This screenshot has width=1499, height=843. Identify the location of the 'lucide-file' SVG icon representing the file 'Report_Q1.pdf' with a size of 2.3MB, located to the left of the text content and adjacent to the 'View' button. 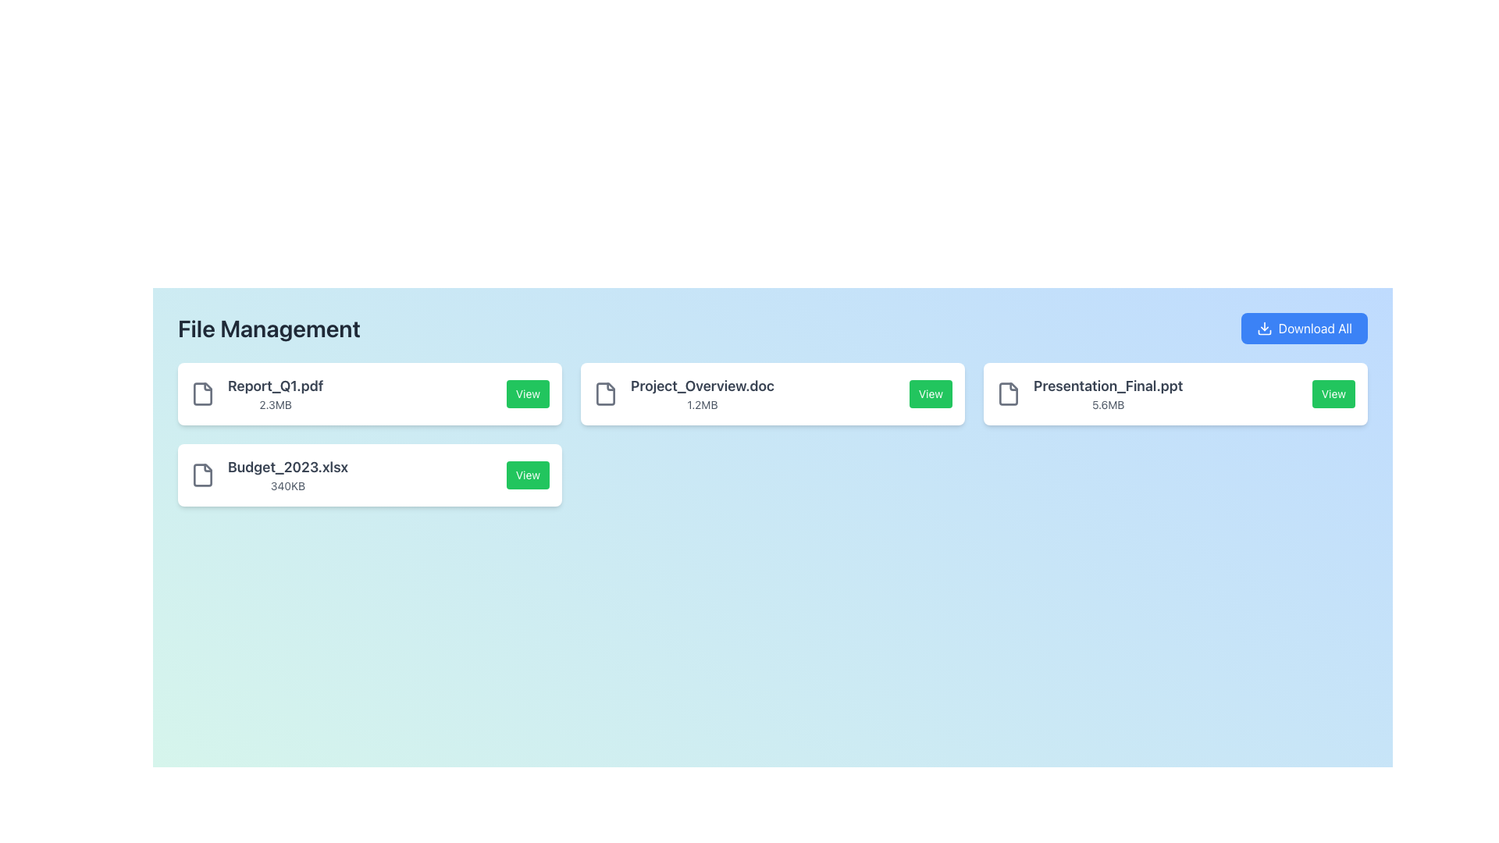
(201, 393).